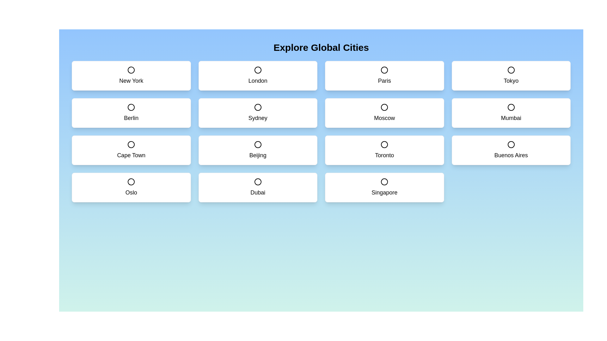 The image size is (607, 341). Describe the element at coordinates (384, 150) in the screenshot. I see `the city card labeled Toronto to toggle its selection state` at that location.